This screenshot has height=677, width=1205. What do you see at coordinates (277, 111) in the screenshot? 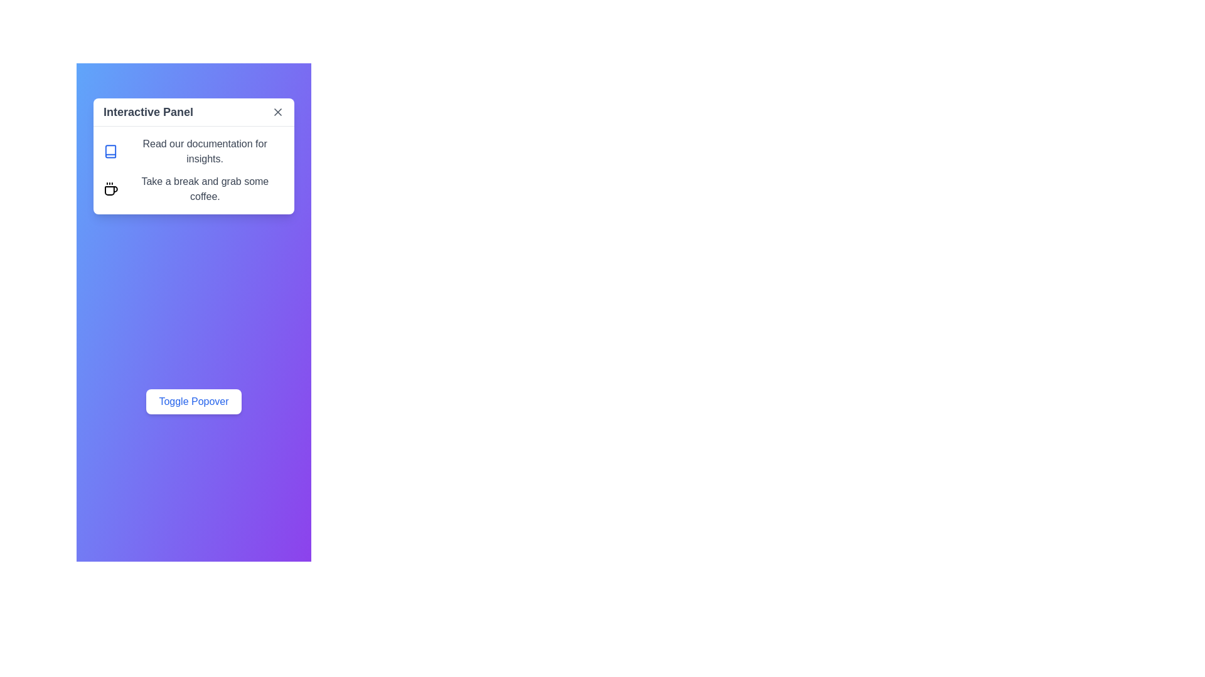
I see `the slanted cross icon located in the top-right corner of the 'Interactive Panel'` at bounding box center [277, 111].